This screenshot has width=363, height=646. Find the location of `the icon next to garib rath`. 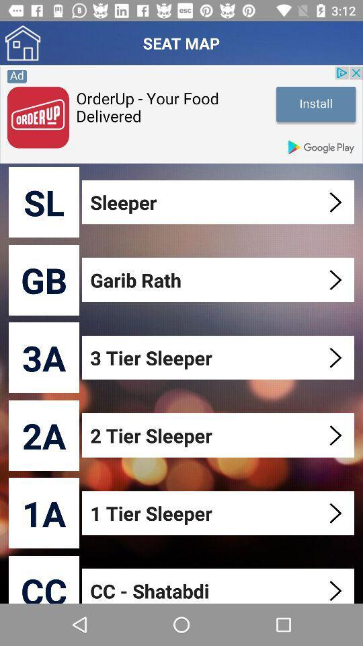

the icon next to garib rath is located at coordinates (44, 279).